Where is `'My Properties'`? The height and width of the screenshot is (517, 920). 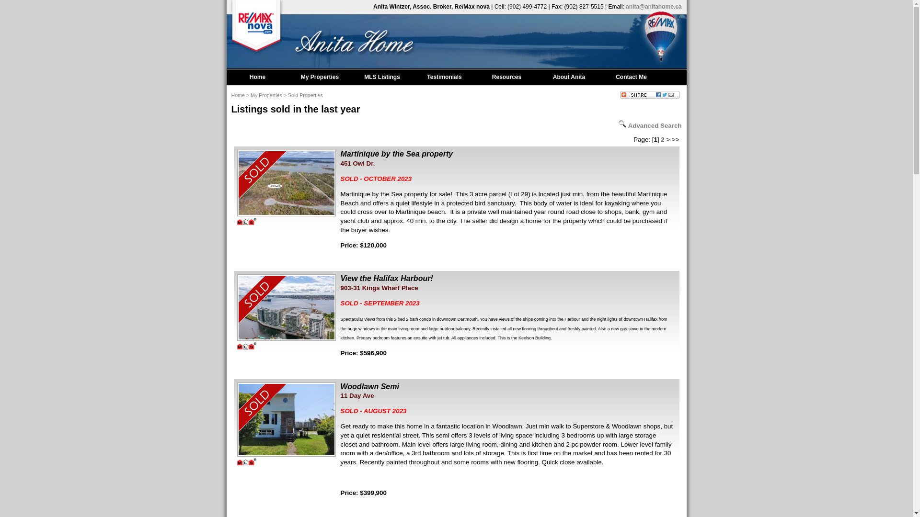
'My Properties' is located at coordinates (287, 77).